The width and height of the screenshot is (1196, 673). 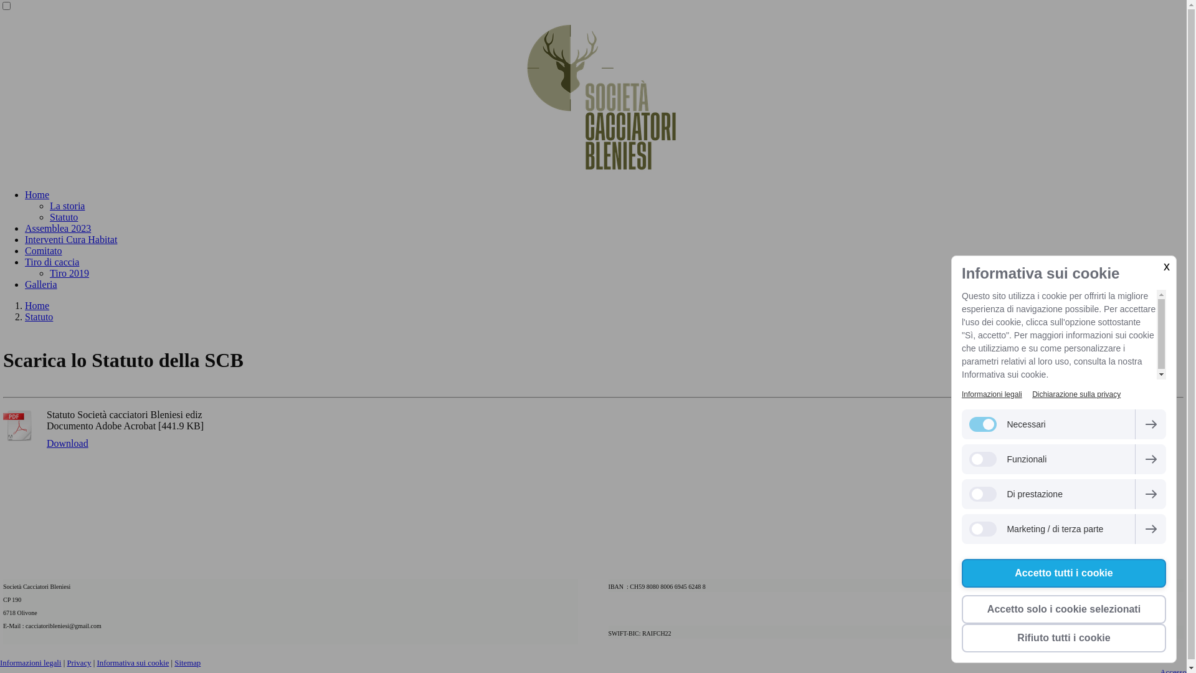 What do you see at coordinates (961, 394) in the screenshot?
I see `'Informazioni legali'` at bounding box center [961, 394].